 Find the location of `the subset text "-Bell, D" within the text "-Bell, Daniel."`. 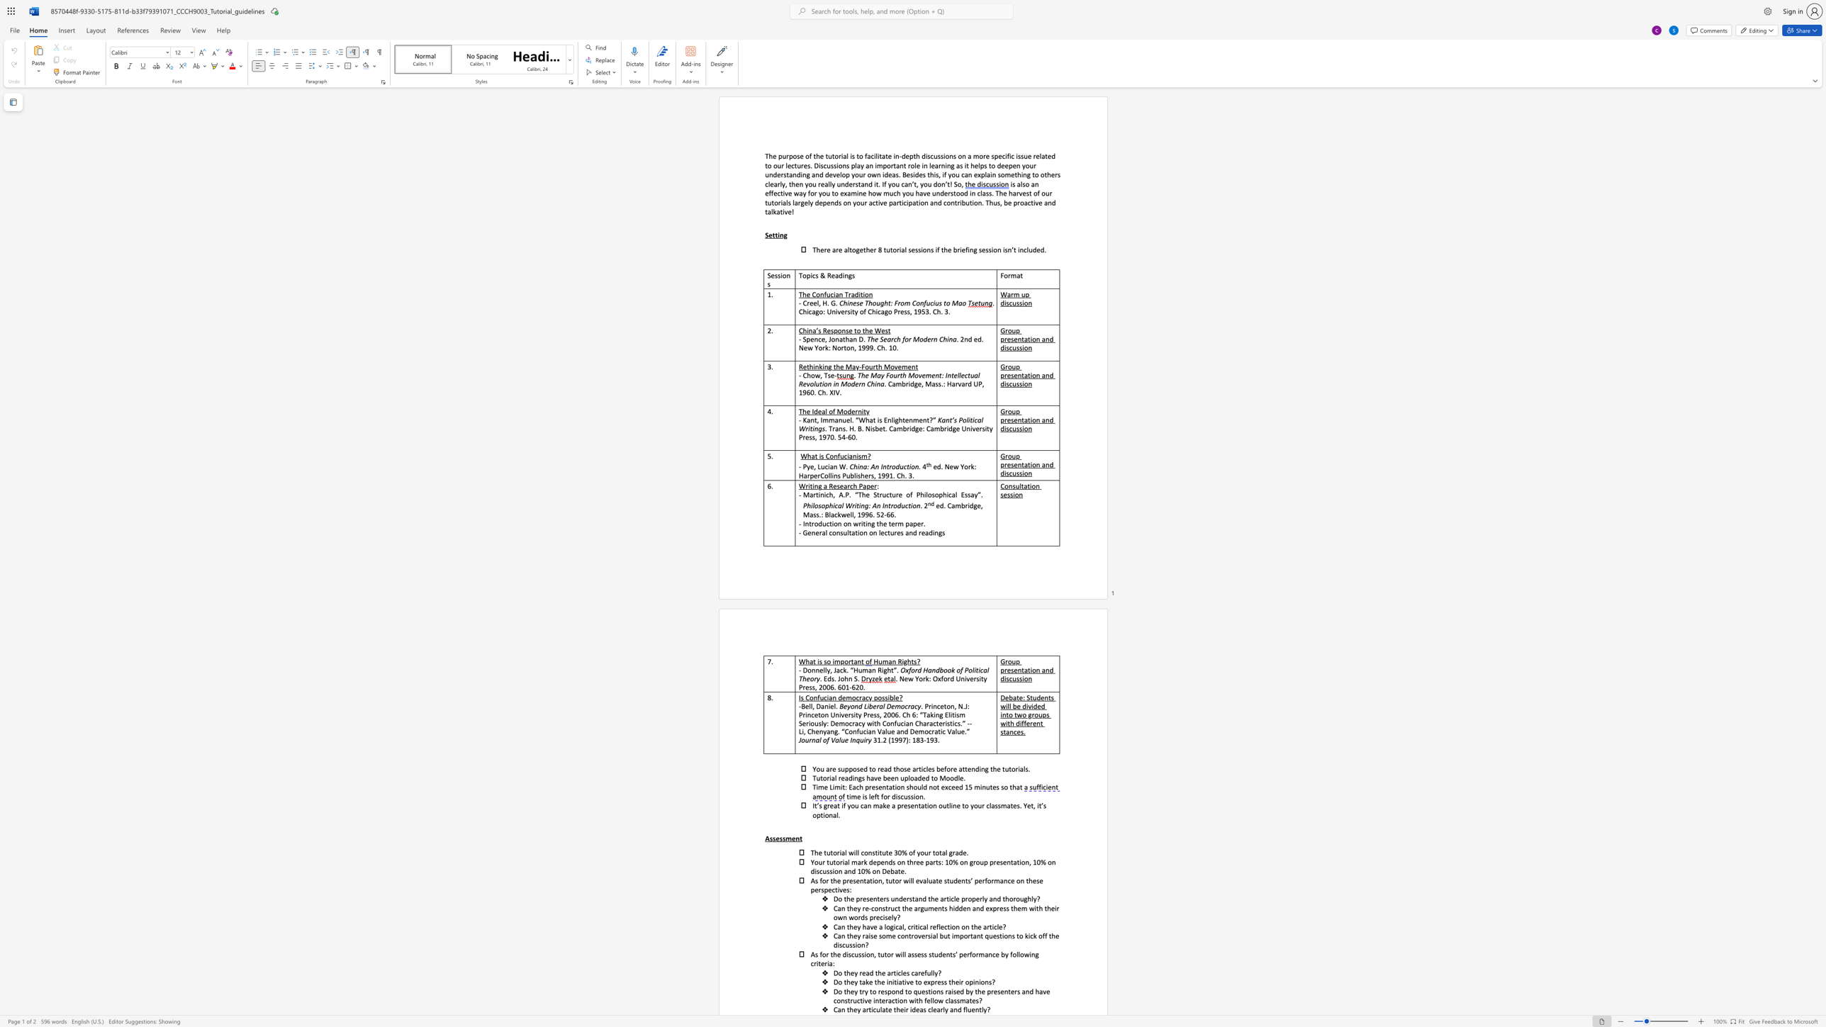

the subset text "-Bell, D" within the text "-Bell, Daniel." is located at coordinates (799, 706).